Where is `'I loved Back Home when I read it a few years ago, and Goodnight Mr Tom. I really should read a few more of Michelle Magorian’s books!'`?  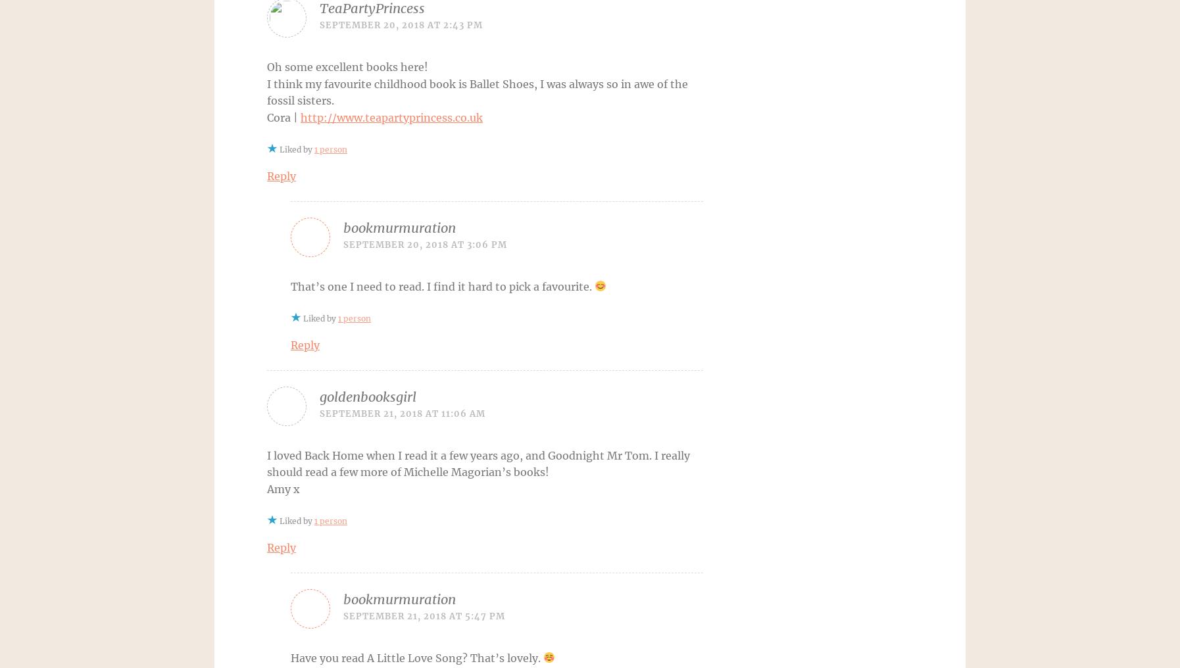
'I loved Back Home when I read it a few years ago, and Goodnight Mr Tom. I really should read a few more of Michelle Magorian’s books!' is located at coordinates (478, 464).